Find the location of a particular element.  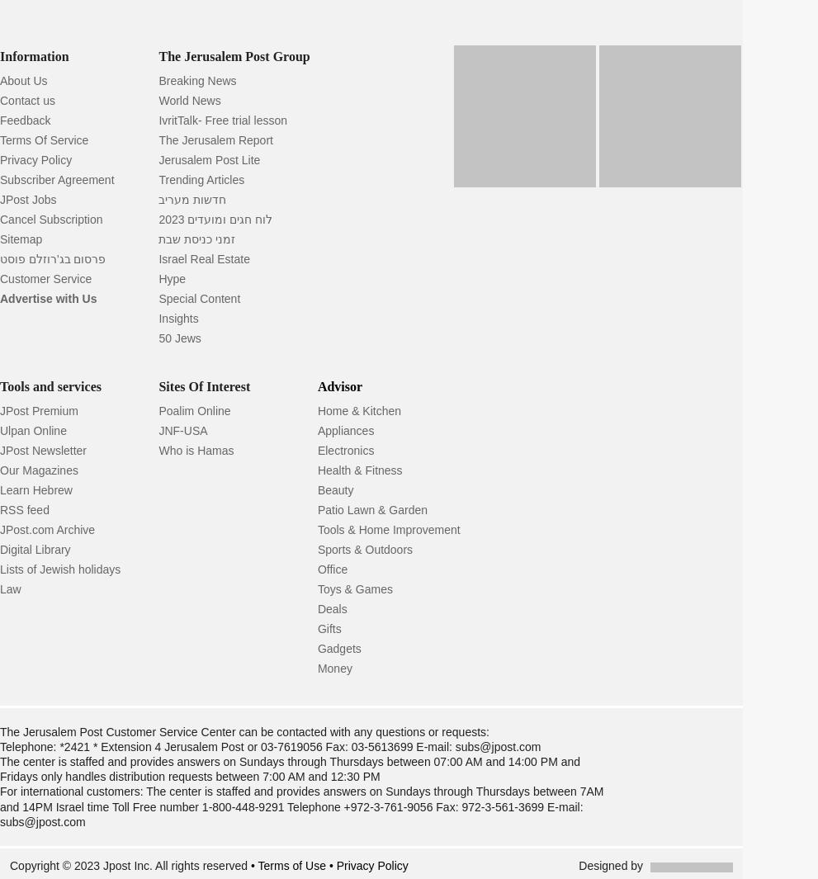

'Copyright © 2023 Jpost Inc. All rights reserved' is located at coordinates (130, 864).